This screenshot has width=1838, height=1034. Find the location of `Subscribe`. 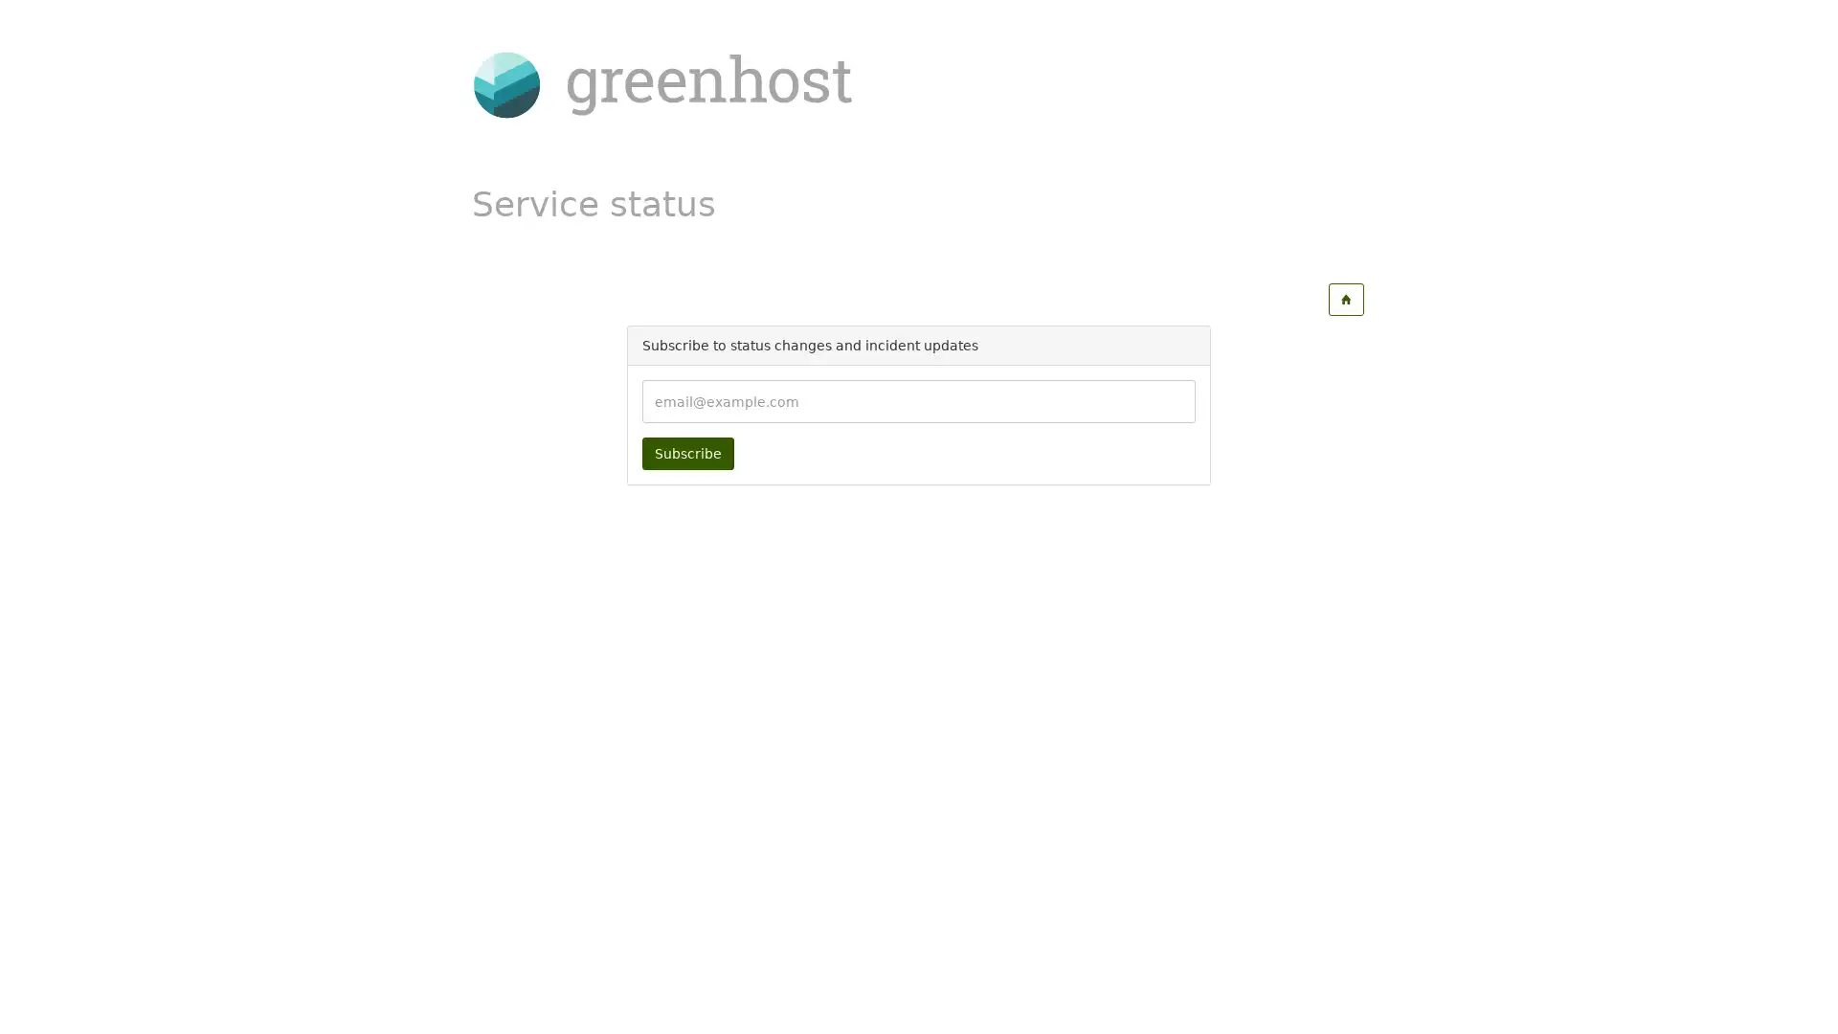

Subscribe is located at coordinates (687, 454).